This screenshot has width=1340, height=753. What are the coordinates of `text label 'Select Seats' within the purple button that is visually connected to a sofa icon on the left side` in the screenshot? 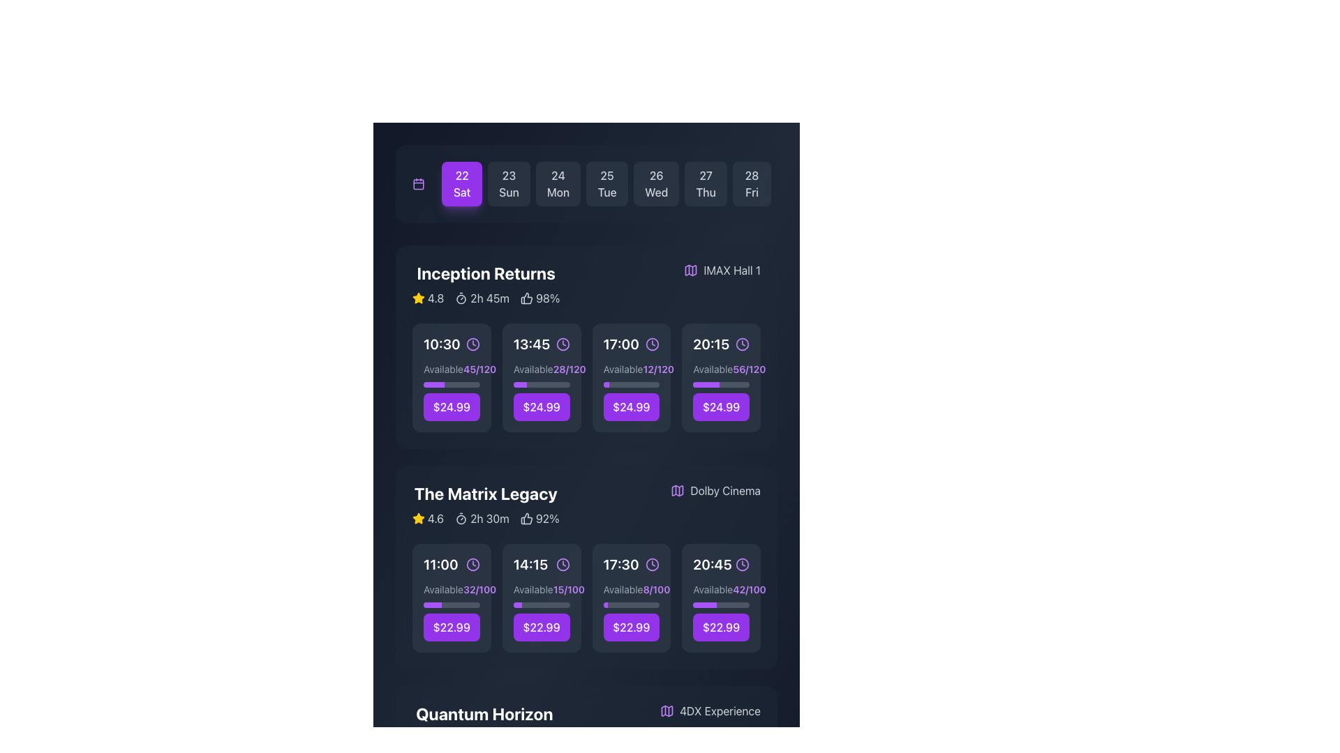 It's located at (548, 378).